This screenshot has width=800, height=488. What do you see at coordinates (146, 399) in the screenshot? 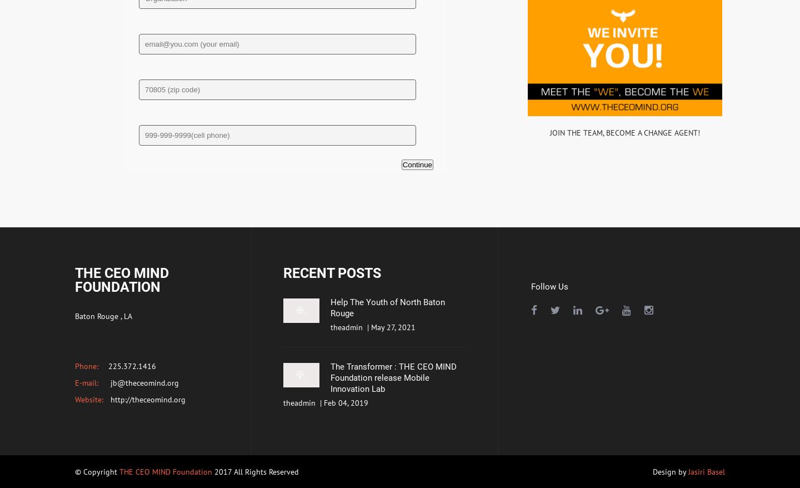
I see `'http://theceomind.org'` at bounding box center [146, 399].